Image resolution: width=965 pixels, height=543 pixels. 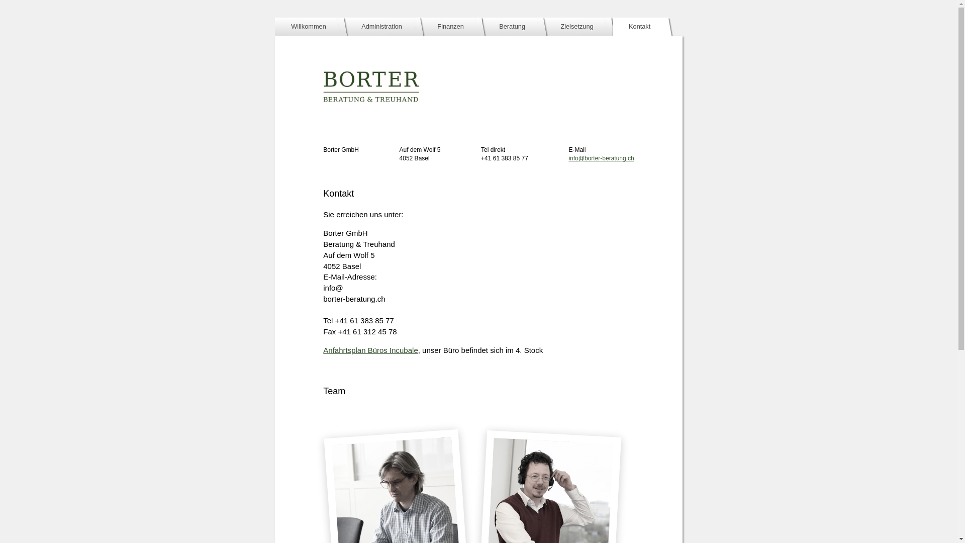 I want to click on 'info@borter-beratung.ch', so click(x=601, y=158).